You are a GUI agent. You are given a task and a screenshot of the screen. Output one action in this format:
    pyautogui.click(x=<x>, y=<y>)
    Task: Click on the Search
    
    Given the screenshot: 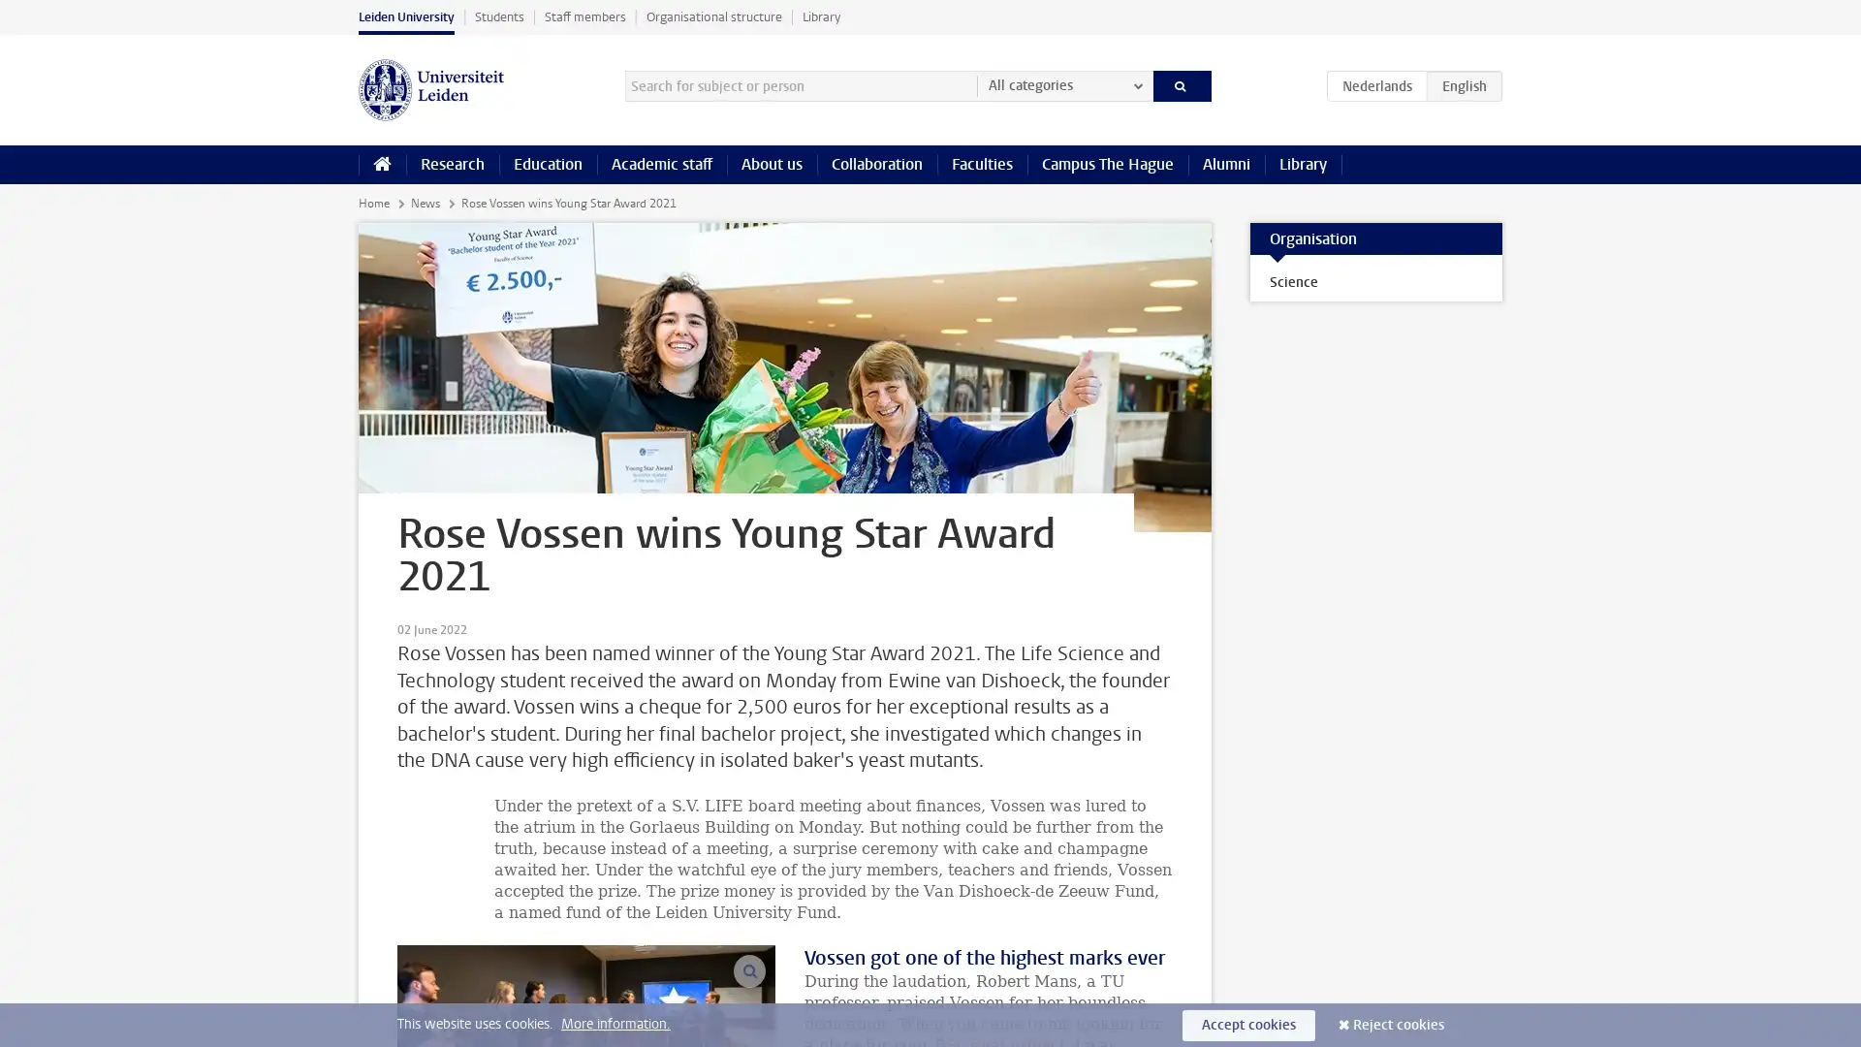 What is the action you would take?
    pyautogui.click(x=1181, y=84)
    